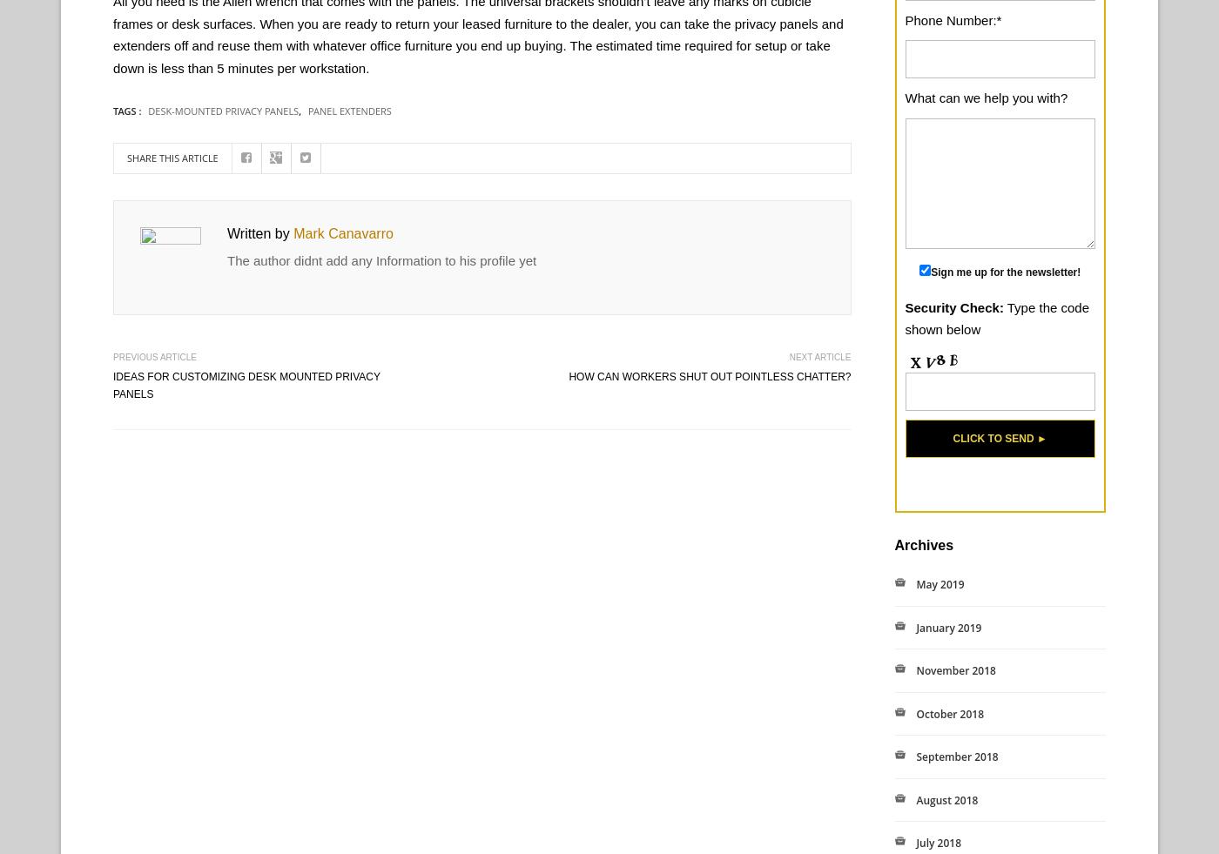  Describe the element at coordinates (172, 157) in the screenshot. I see `'Share this article'` at that location.